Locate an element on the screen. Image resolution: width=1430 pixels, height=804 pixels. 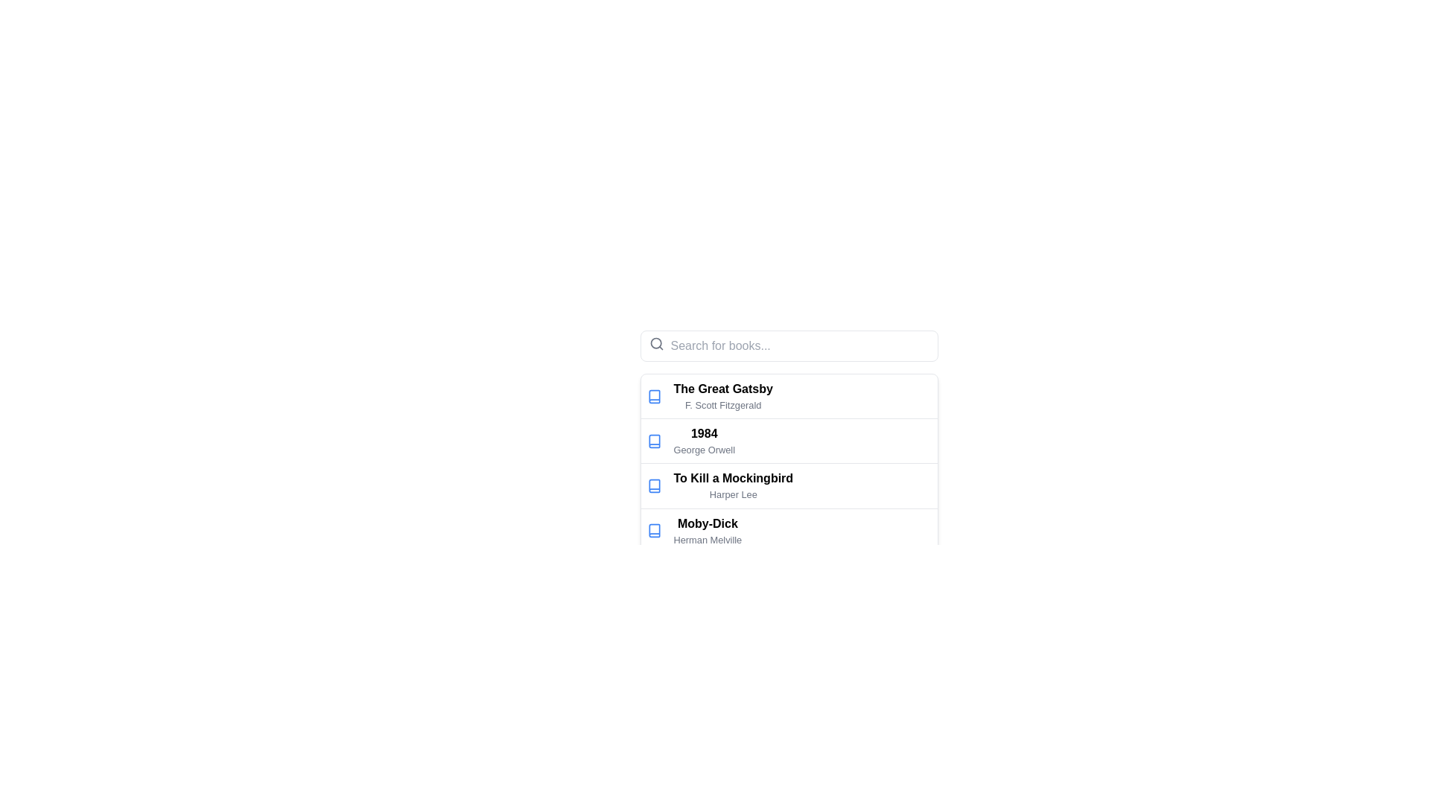
the Text Label displaying the title '1984' and subtitle 'George Orwell', which is the second item in the vertical list of books is located at coordinates (703, 440).